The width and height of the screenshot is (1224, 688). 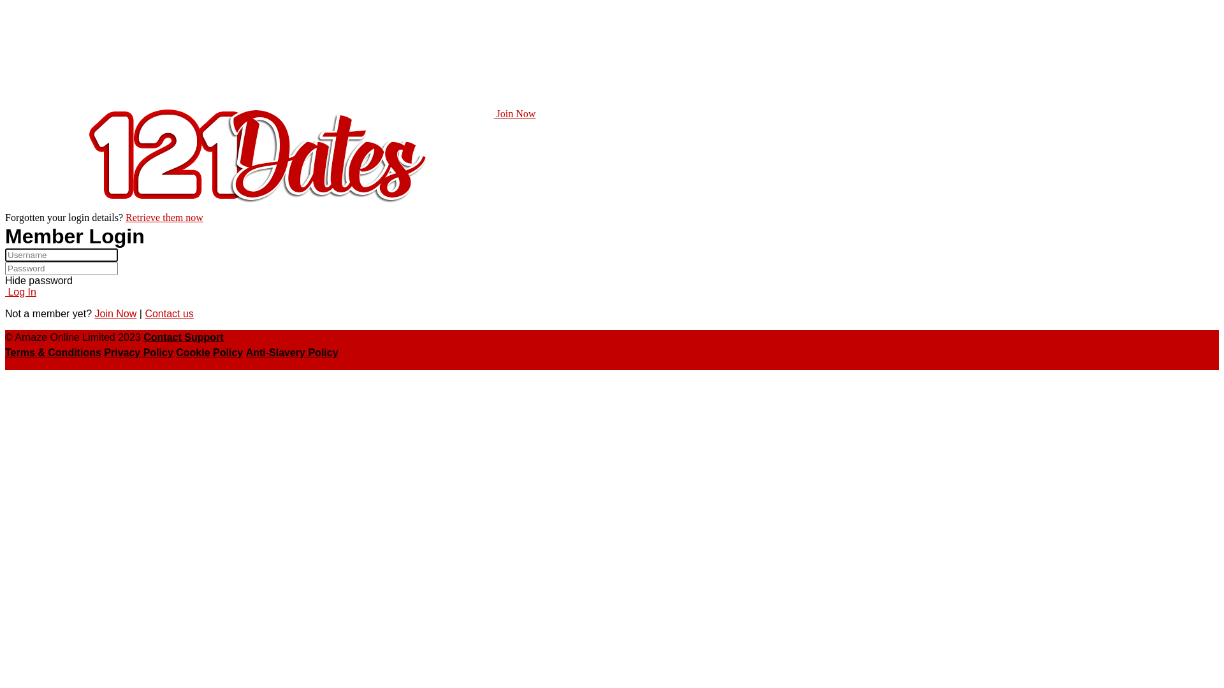 What do you see at coordinates (138, 352) in the screenshot?
I see `'Privacy Policy'` at bounding box center [138, 352].